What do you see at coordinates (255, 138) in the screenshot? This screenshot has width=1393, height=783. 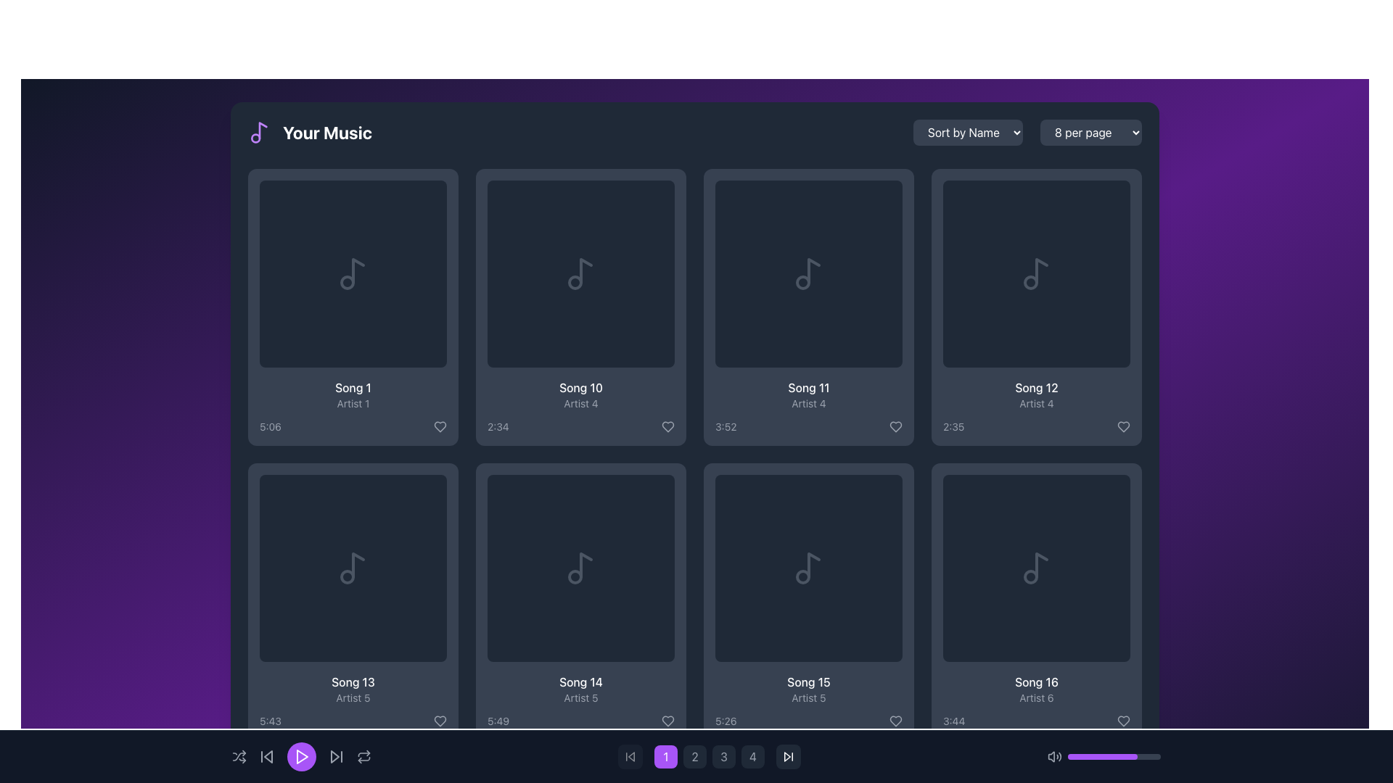 I see `the circular icon within the SVG graphic that is part of a music note illustration, located near the top-left corner of the page, adjacent to the 'Your Music' header text` at bounding box center [255, 138].